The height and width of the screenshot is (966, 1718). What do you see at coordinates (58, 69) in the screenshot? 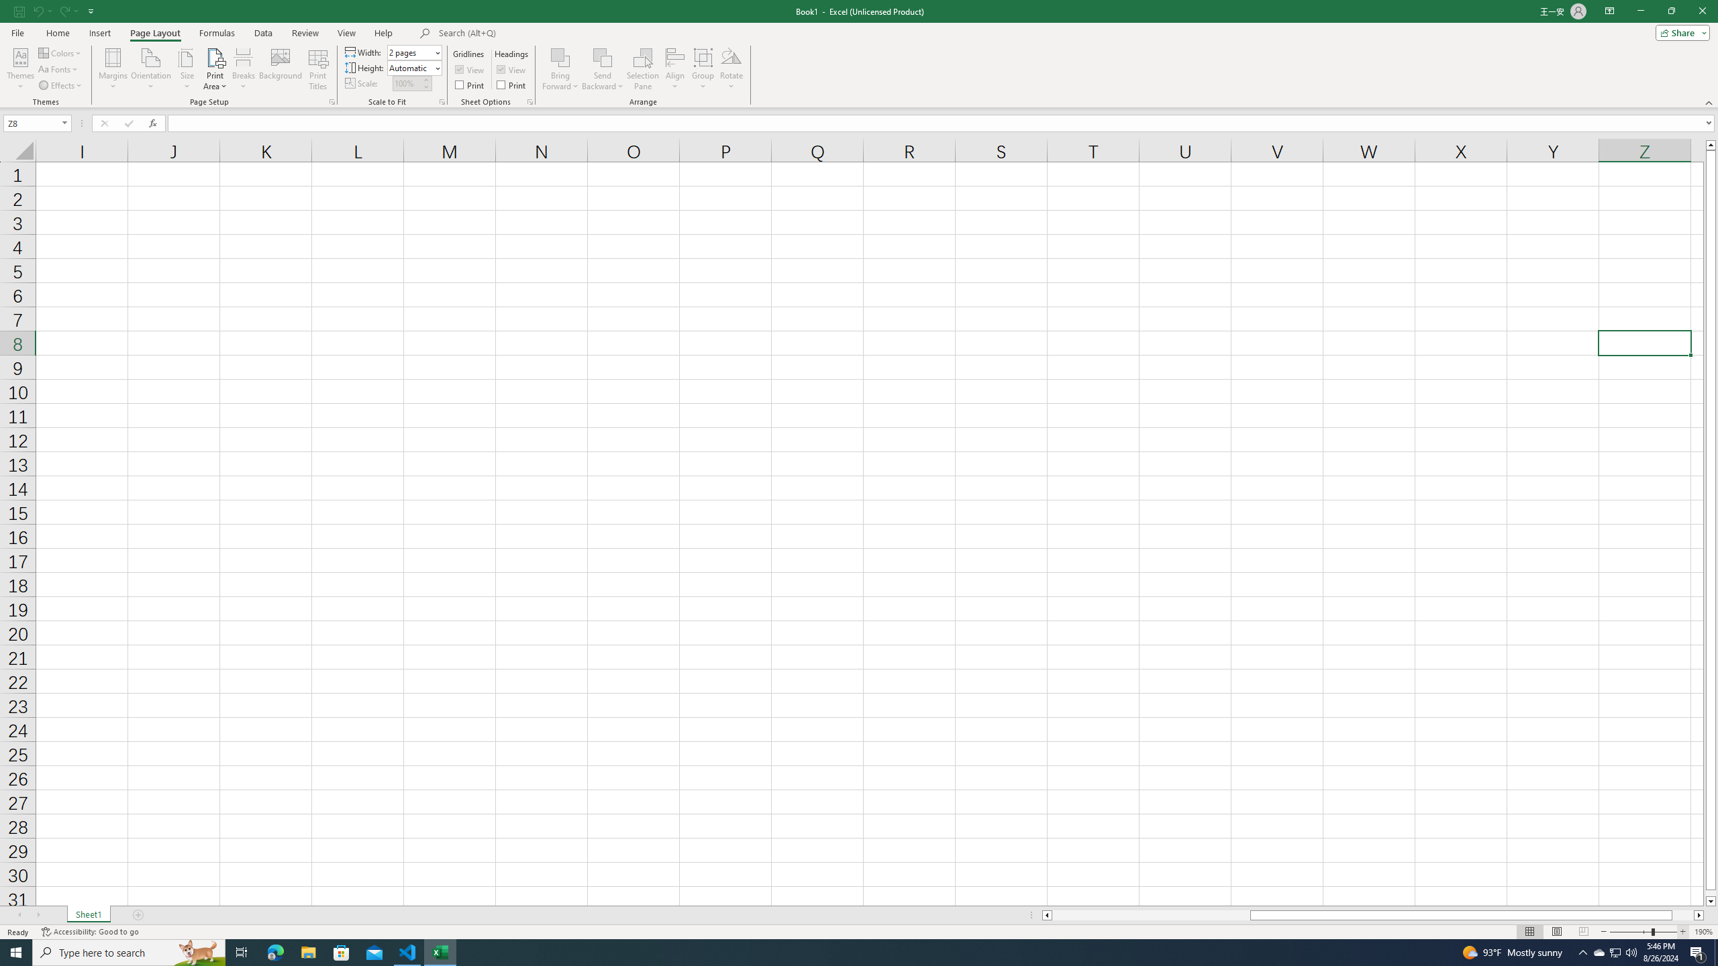
I see `'Fonts'` at bounding box center [58, 69].